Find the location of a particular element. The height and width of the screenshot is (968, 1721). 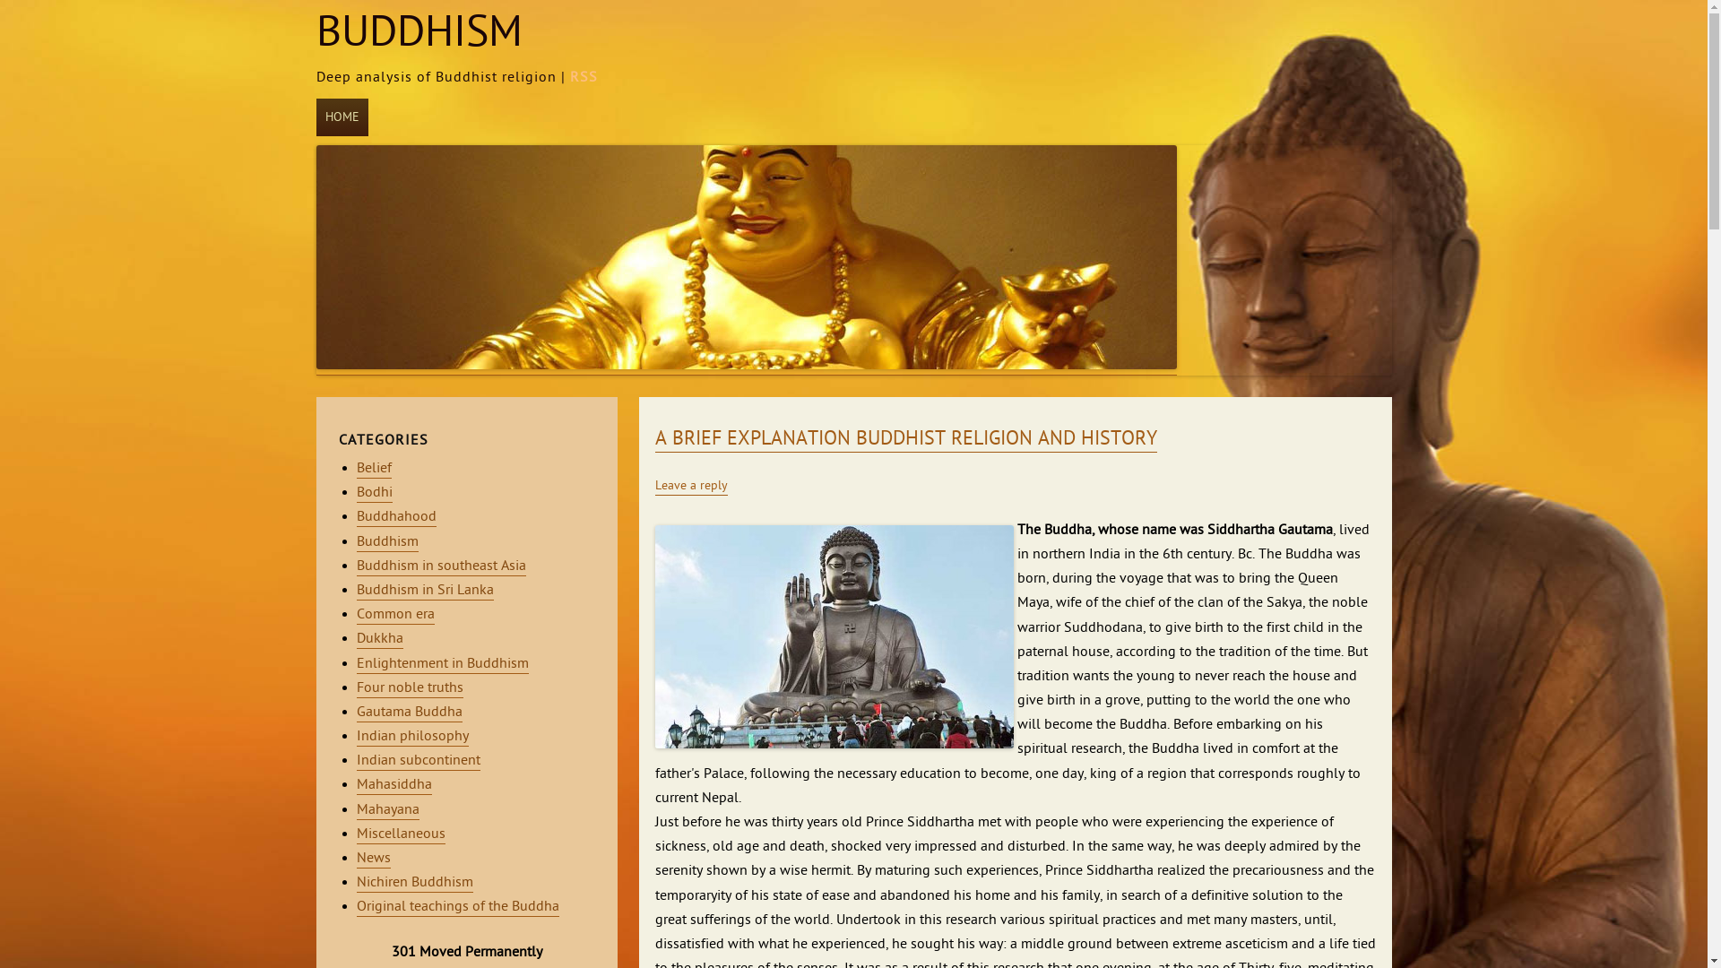

'HOME' is located at coordinates (341, 117).